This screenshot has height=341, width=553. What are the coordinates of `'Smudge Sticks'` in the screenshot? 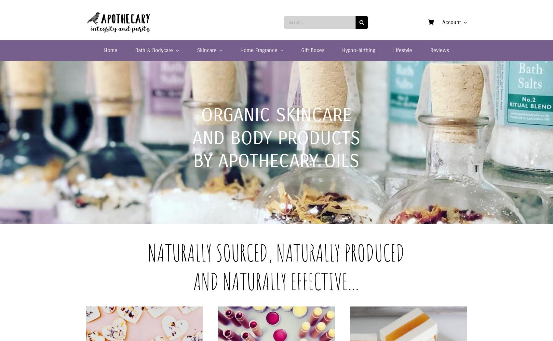 It's located at (371, 73).